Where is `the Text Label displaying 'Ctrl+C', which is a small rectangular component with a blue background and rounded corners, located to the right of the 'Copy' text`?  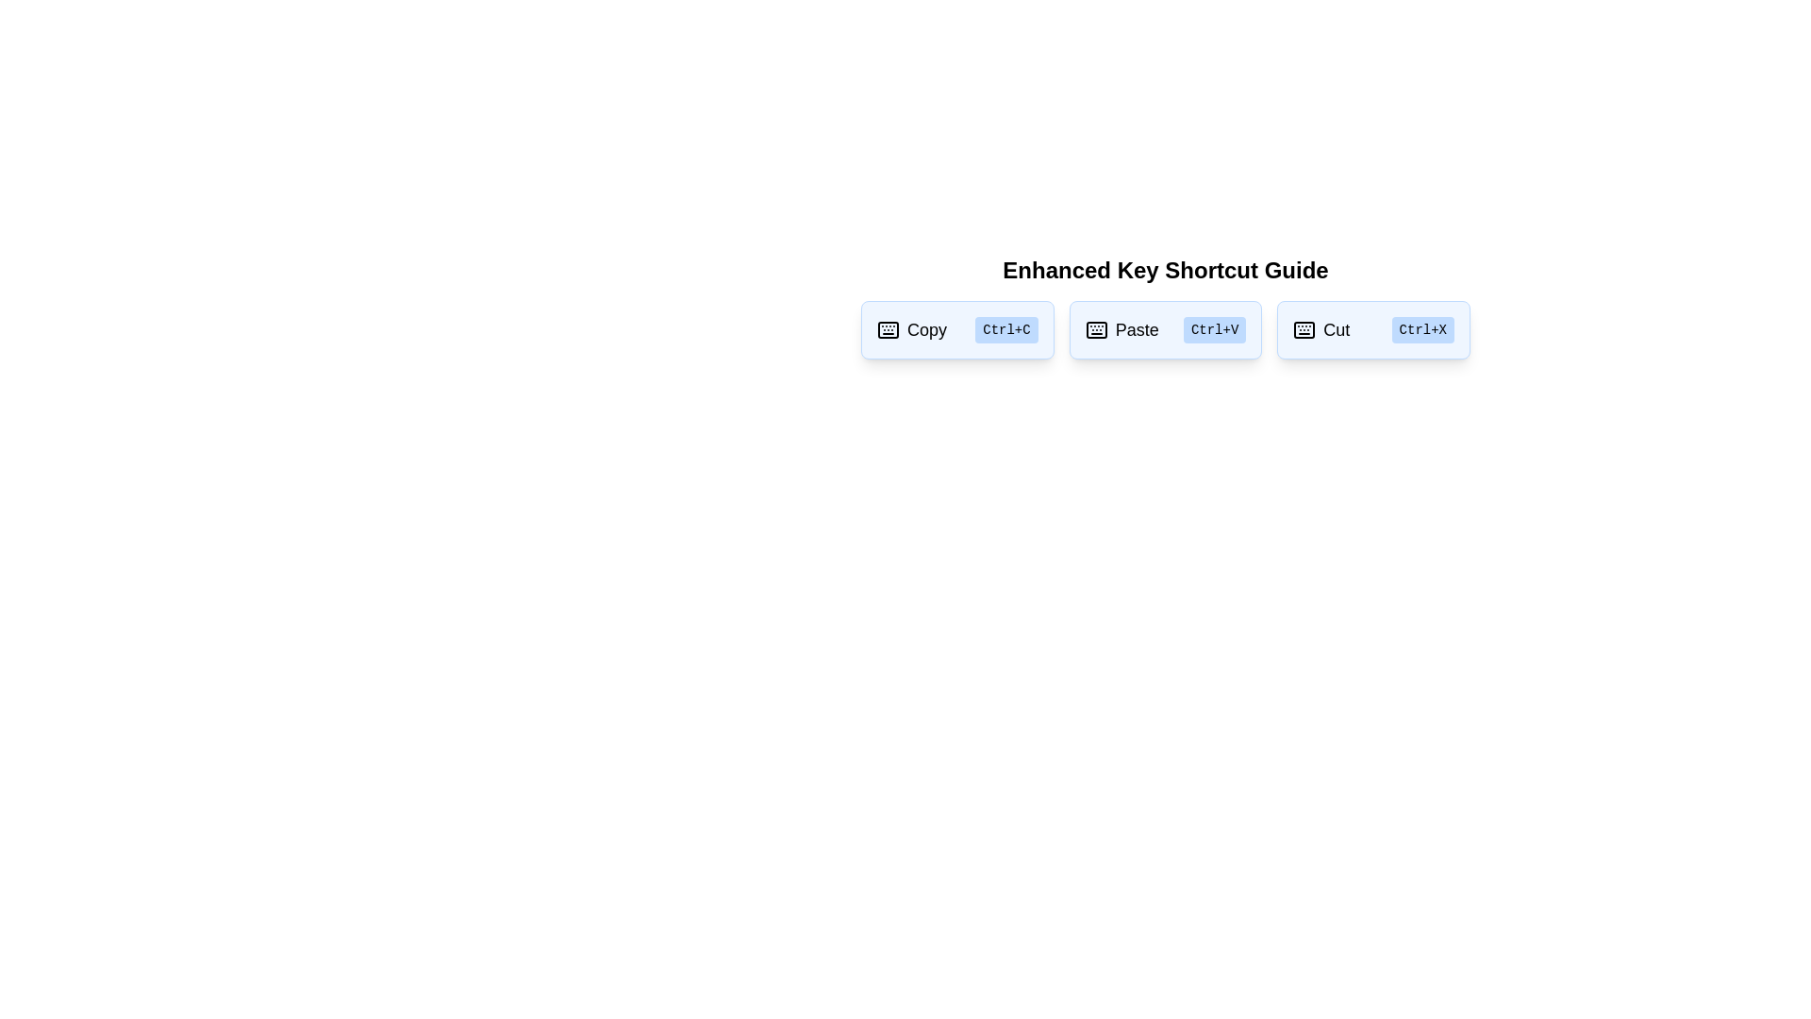 the Text Label displaying 'Ctrl+C', which is a small rectangular component with a blue background and rounded corners, located to the right of the 'Copy' text is located at coordinates (1005, 329).